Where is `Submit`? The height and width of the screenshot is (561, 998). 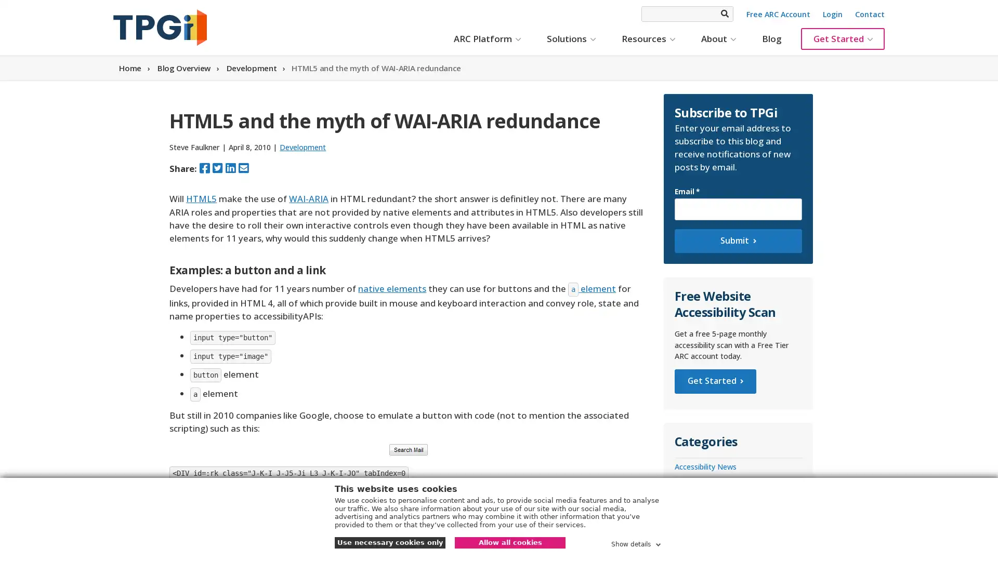 Submit is located at coordinates (737, 241).